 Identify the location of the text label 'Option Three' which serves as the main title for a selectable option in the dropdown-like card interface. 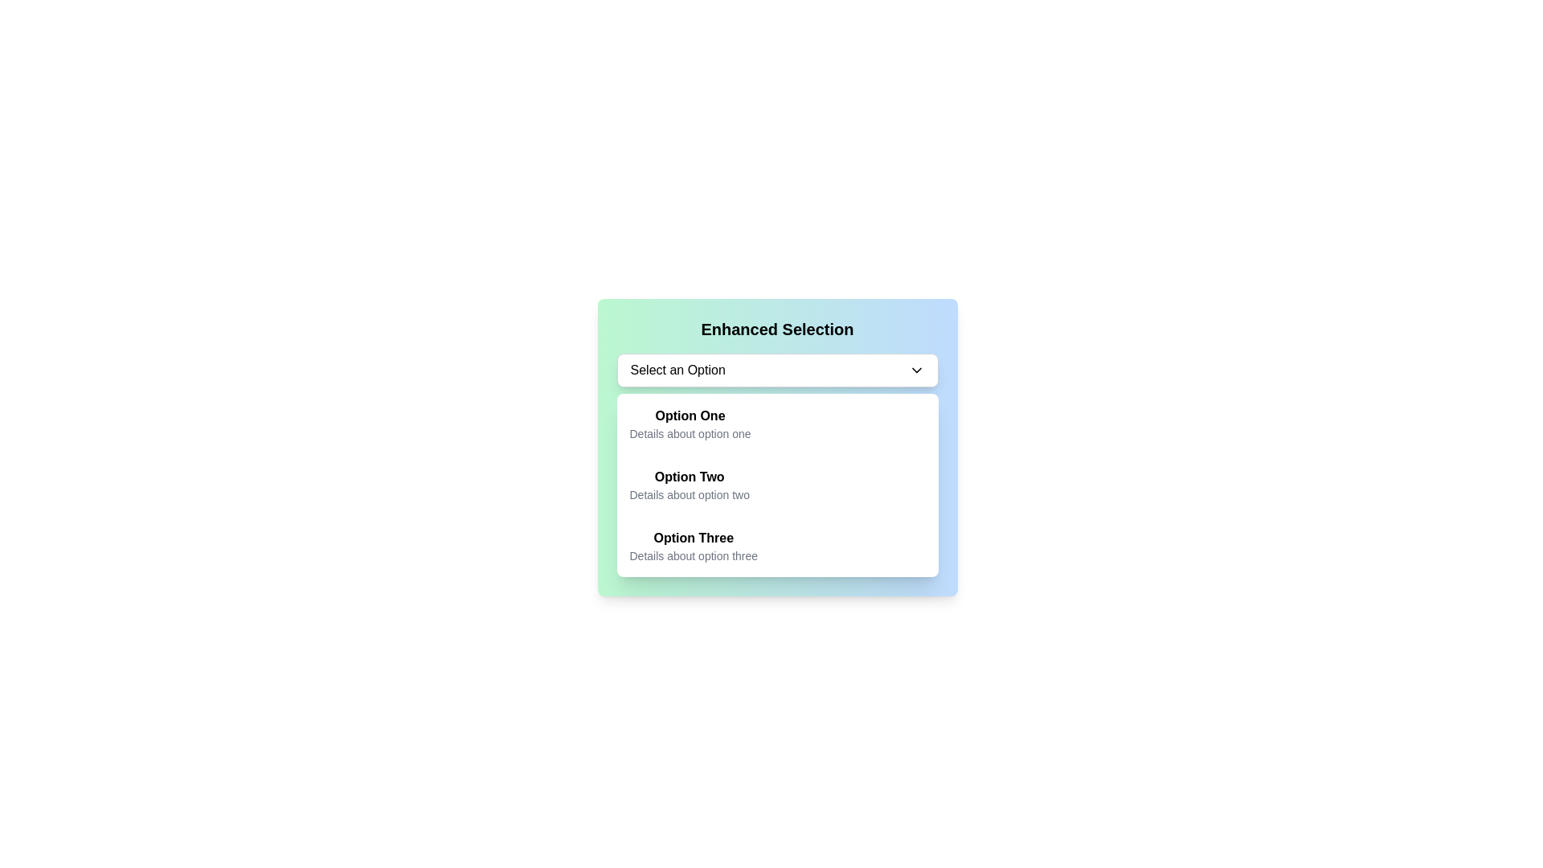
(694, 538).